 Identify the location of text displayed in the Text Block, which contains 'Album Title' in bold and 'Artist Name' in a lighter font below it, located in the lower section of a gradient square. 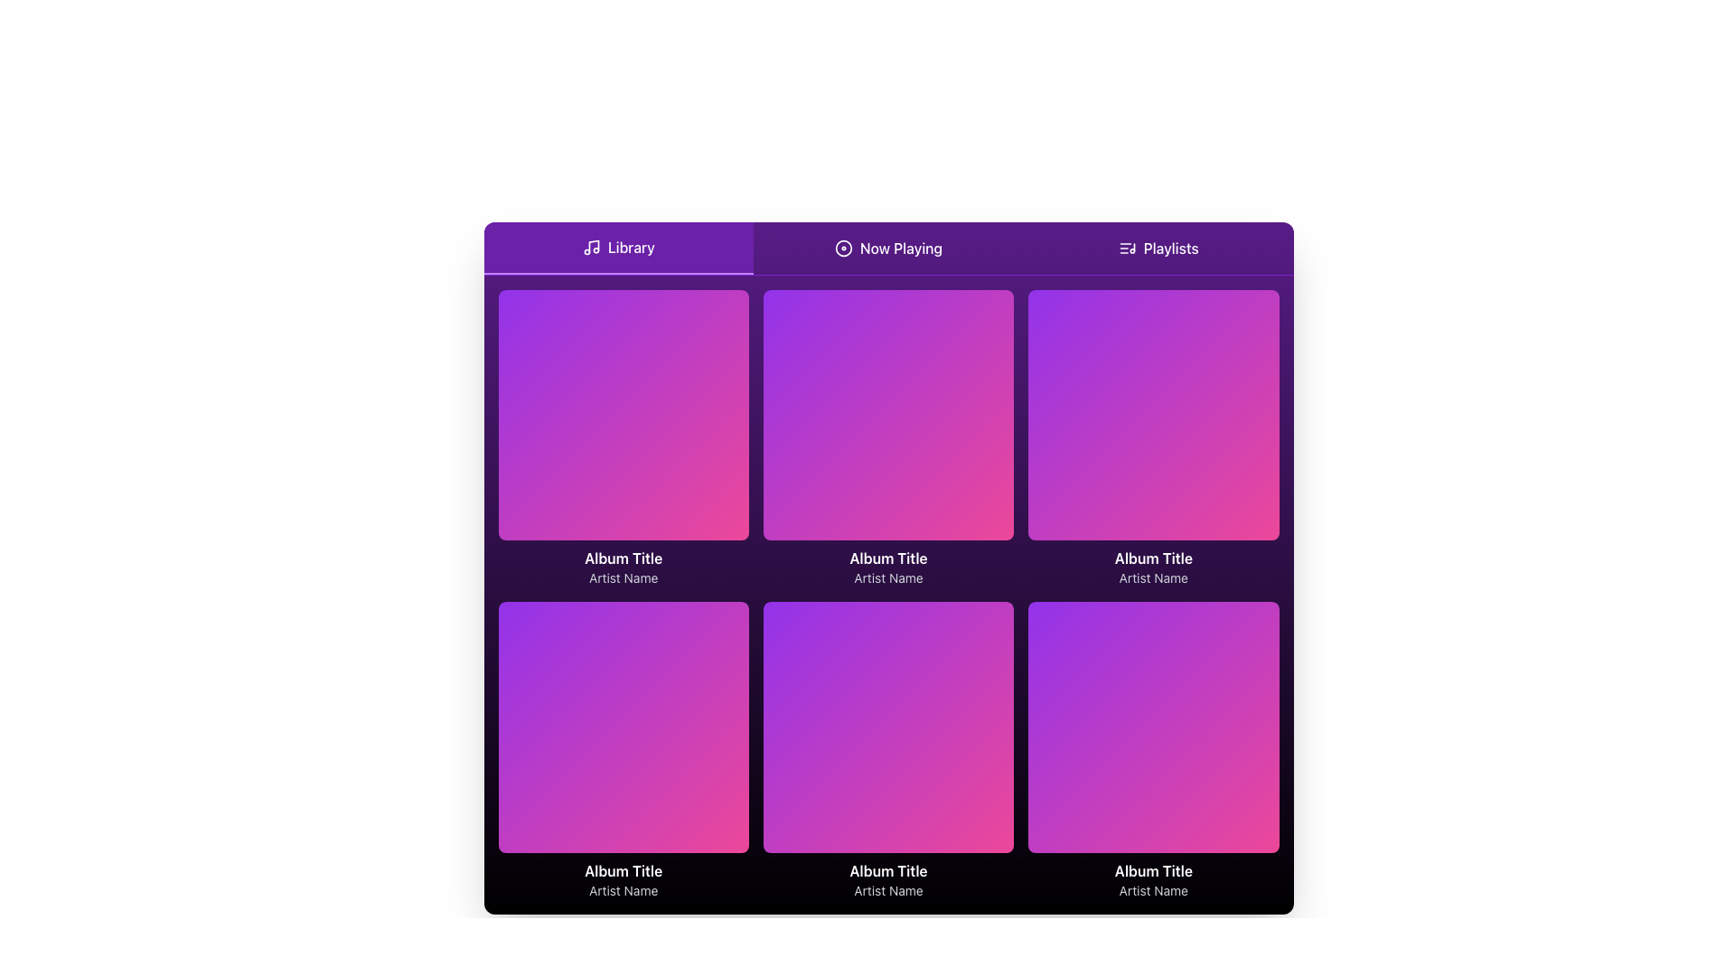
(624, 567).